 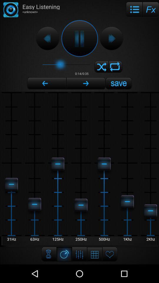 I want to click on the sliders icon, so click(x=79, y=272).